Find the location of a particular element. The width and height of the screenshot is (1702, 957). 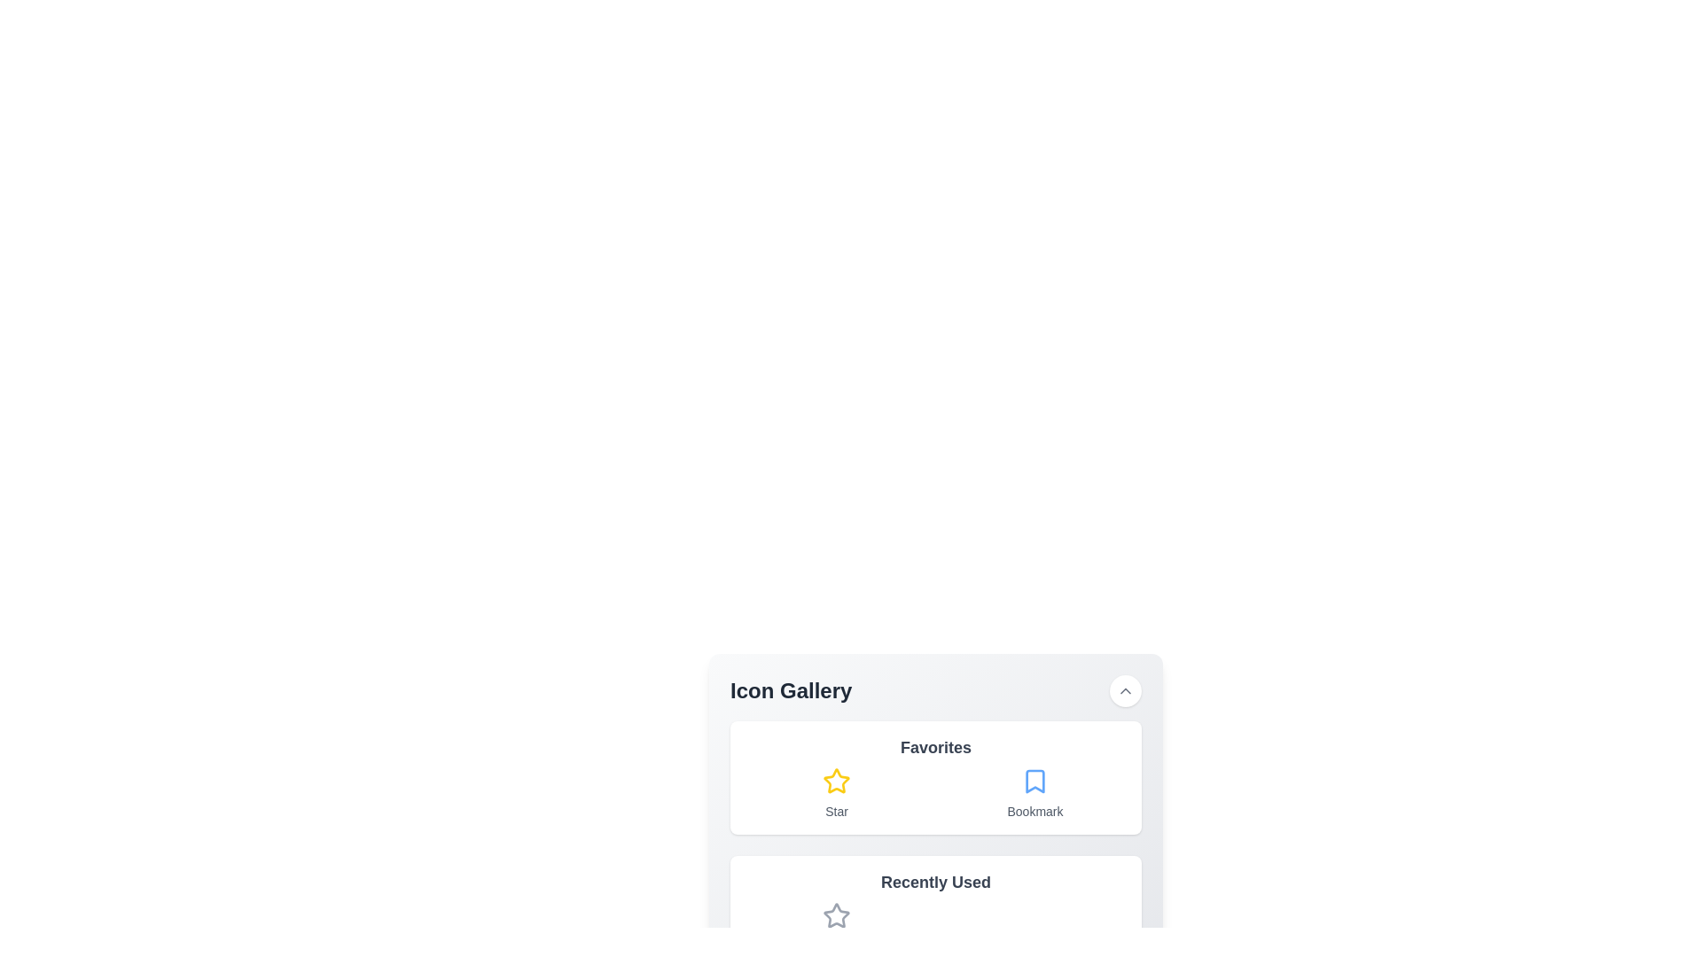

the bookmark icon located to the right of the star icon in the Favorites group is located at coordinates (1034, 781).